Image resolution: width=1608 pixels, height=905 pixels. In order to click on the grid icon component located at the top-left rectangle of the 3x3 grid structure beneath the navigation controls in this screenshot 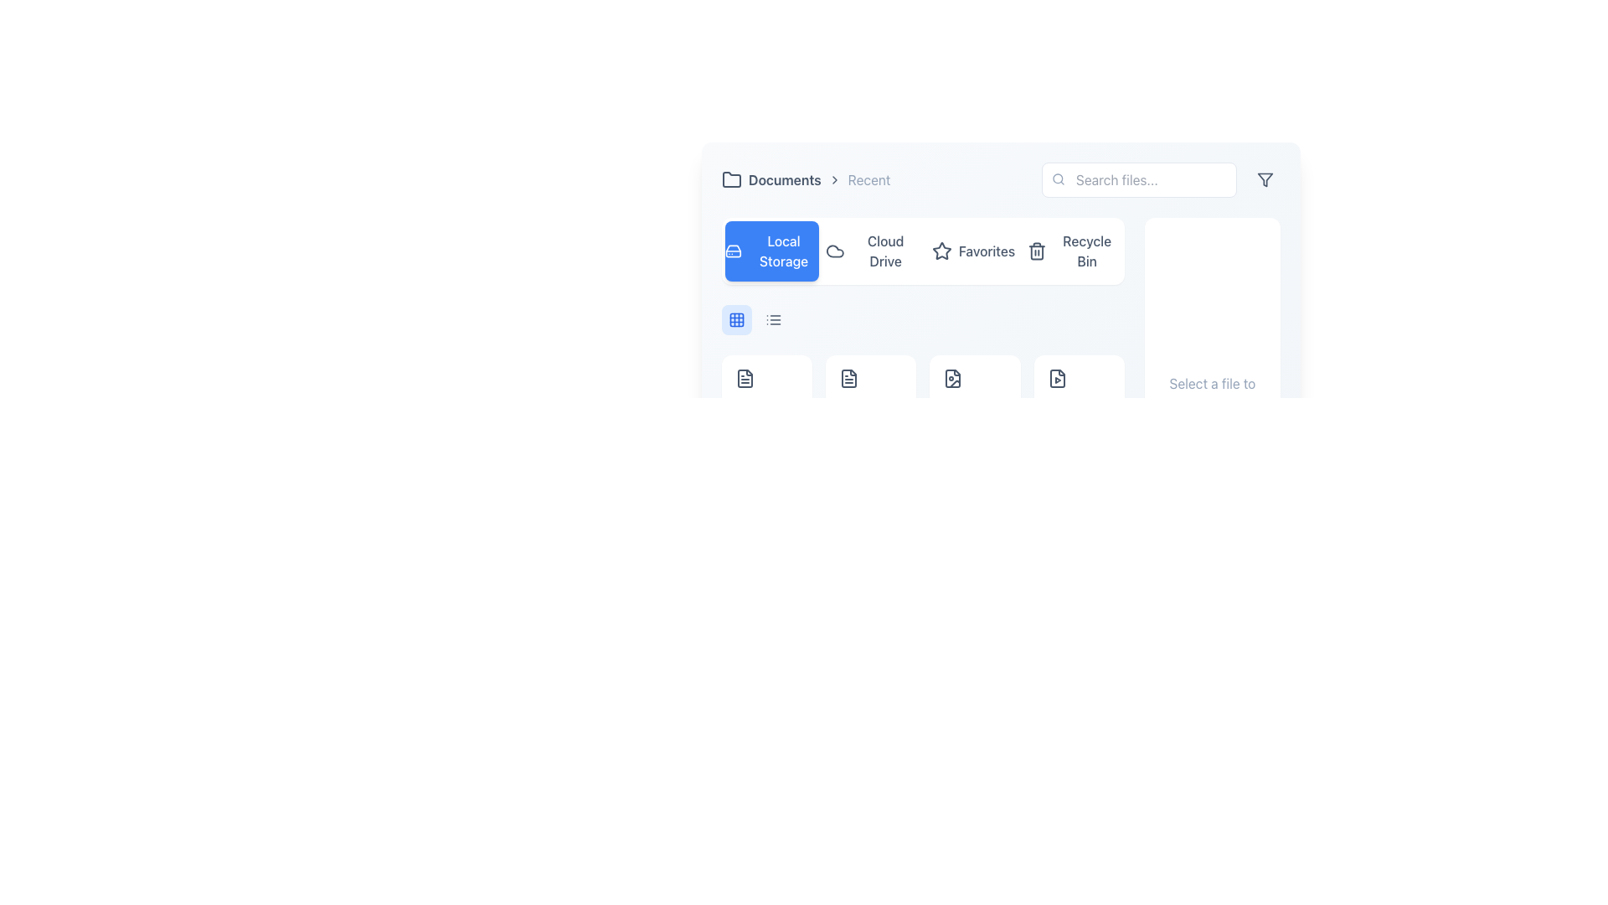, I will do `click(736, 319)`.